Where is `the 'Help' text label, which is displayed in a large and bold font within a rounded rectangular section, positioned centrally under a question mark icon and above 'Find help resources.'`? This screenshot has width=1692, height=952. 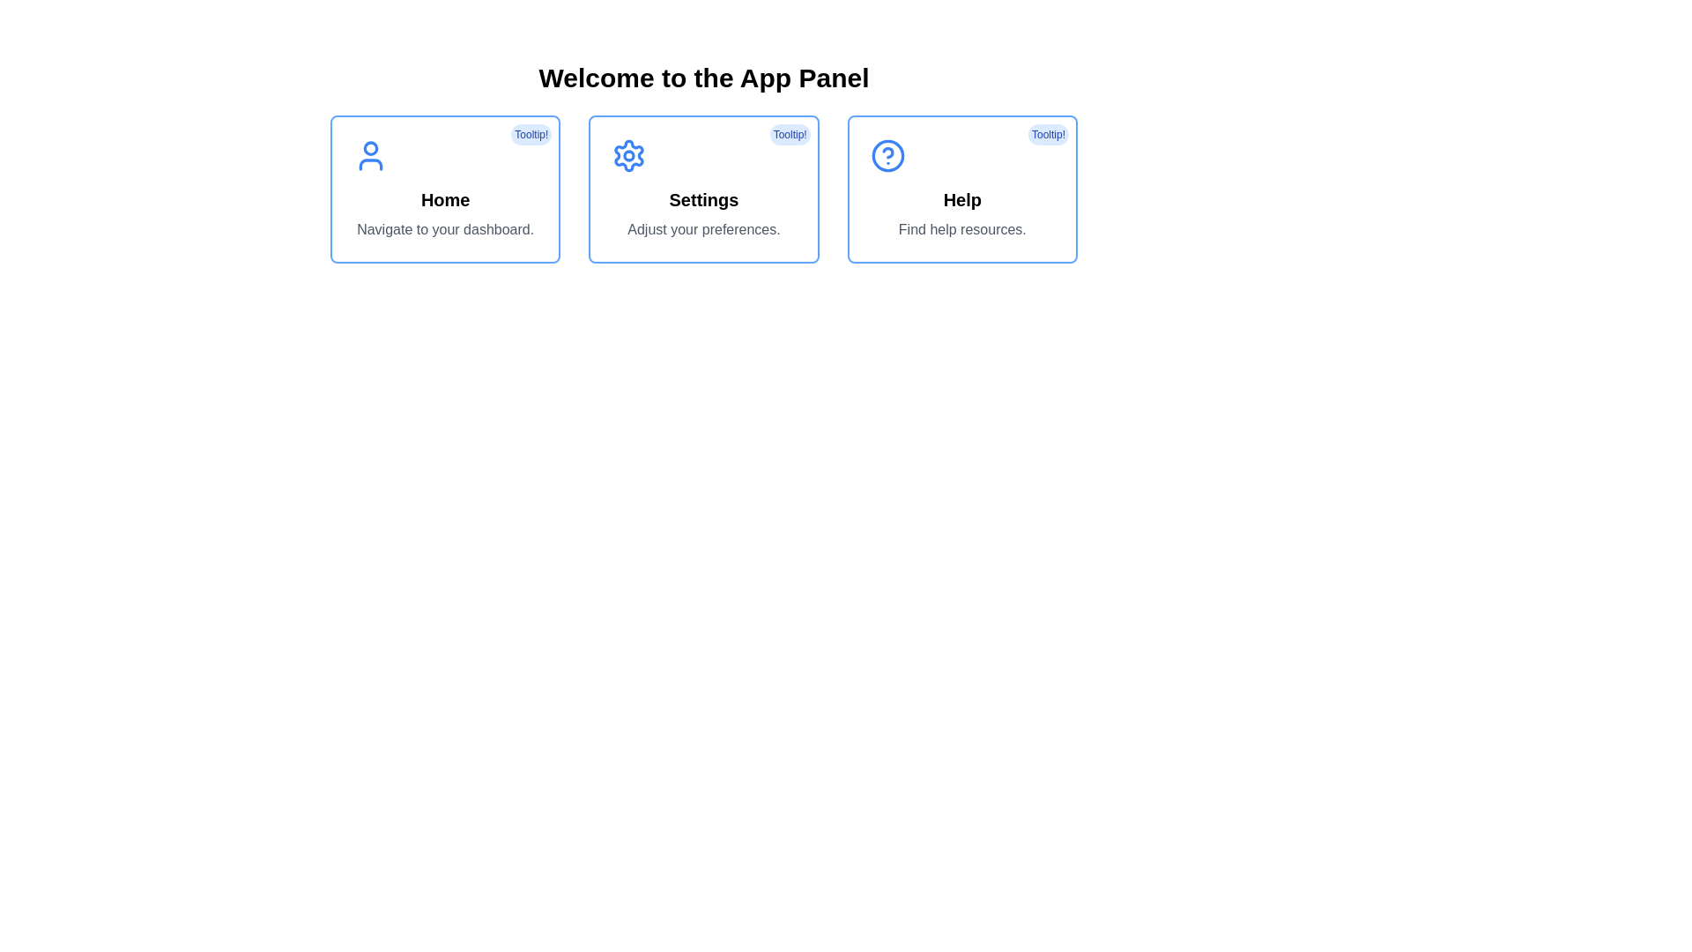
the 'Help' text label, which is displayed in a large and bold font within a rounded rectangular section, positioned centrally under a question mark icon and above 'Find help resources.' is located at coordinates (961, 199).